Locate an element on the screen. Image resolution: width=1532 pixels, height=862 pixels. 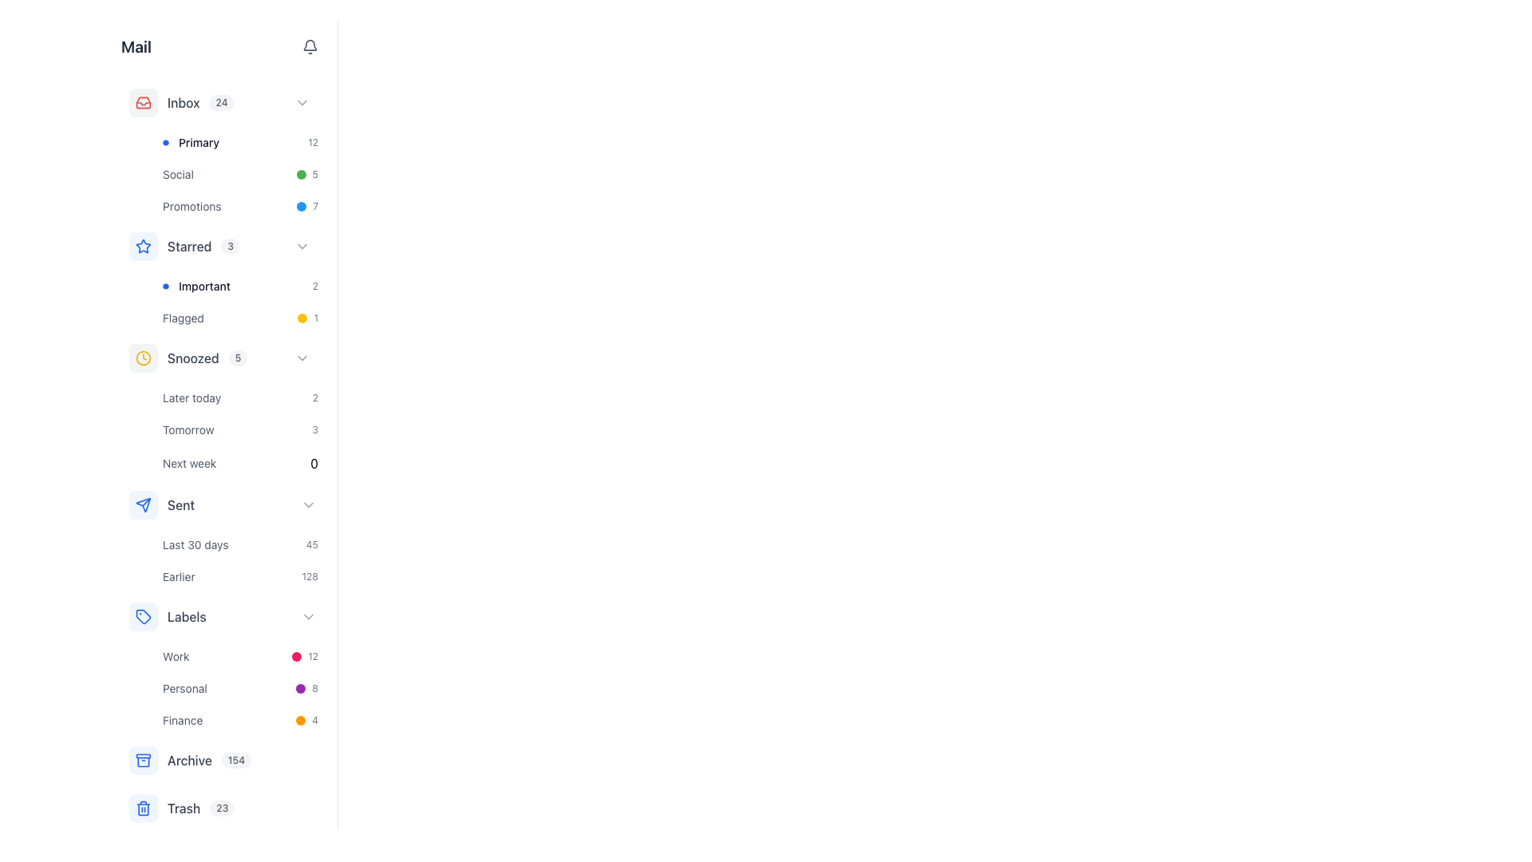
the 'Primary' text label in the Inbox section is located at coordinates (198, 141).